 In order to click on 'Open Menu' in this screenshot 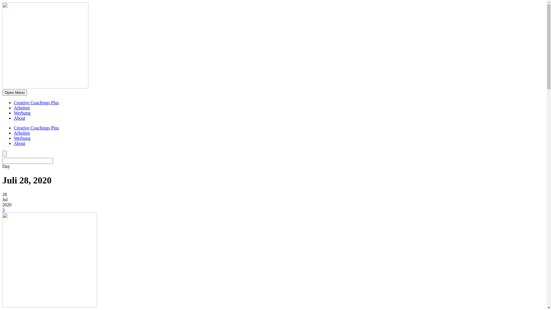, I will do `click(2, 92)`.